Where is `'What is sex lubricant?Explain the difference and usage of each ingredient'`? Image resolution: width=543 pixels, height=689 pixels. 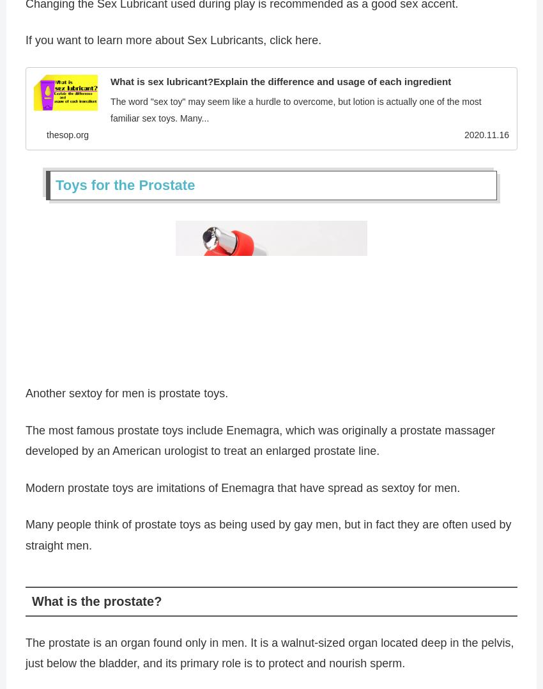 'What is sex lubricant?Explain the difference and usage of each ingredient' is located at coordinates (280, 84).